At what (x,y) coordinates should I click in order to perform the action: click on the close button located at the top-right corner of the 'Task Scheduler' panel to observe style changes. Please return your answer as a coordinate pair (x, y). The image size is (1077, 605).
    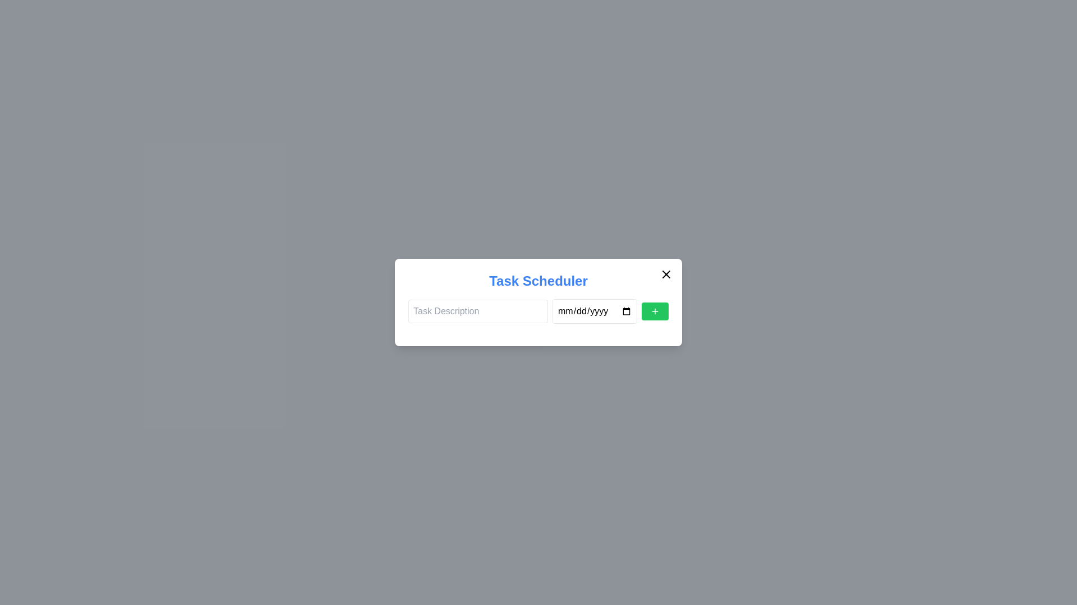
    Looking at the image, I should click on (666, 274).